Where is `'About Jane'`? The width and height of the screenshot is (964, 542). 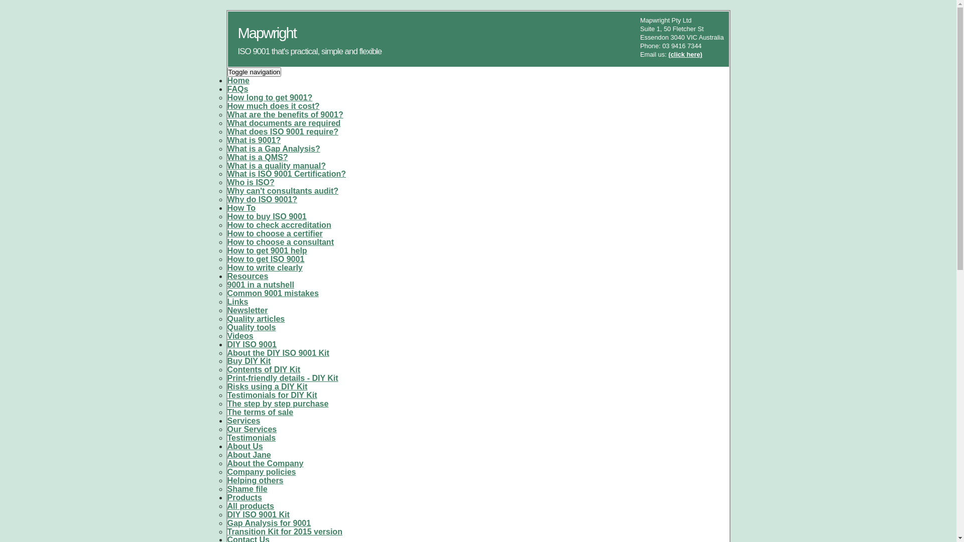
'About Jane' is located at coordinates (249, 455).